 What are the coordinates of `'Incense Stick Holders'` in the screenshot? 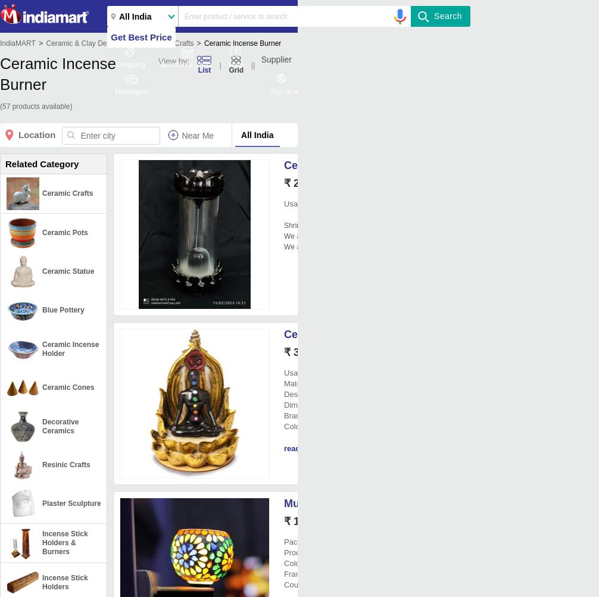 It's located at (64, 581).